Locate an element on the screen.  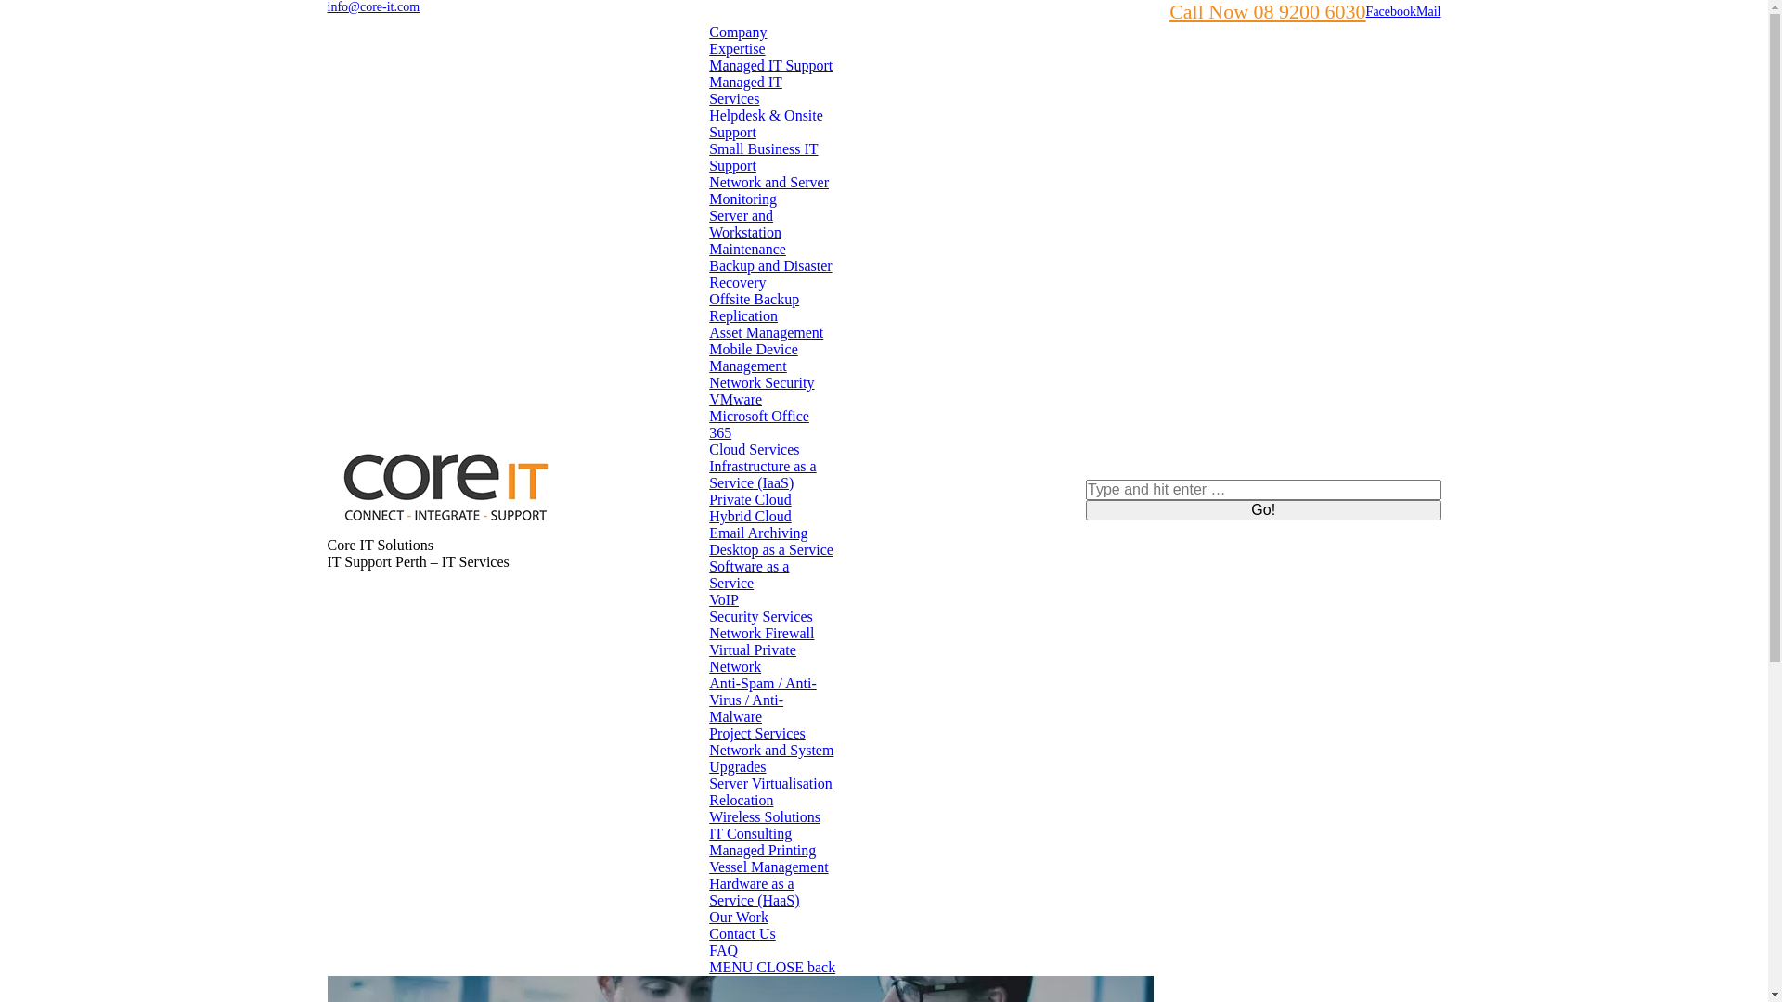
'Desktop as a Service' is located at coordinates (770, 548).